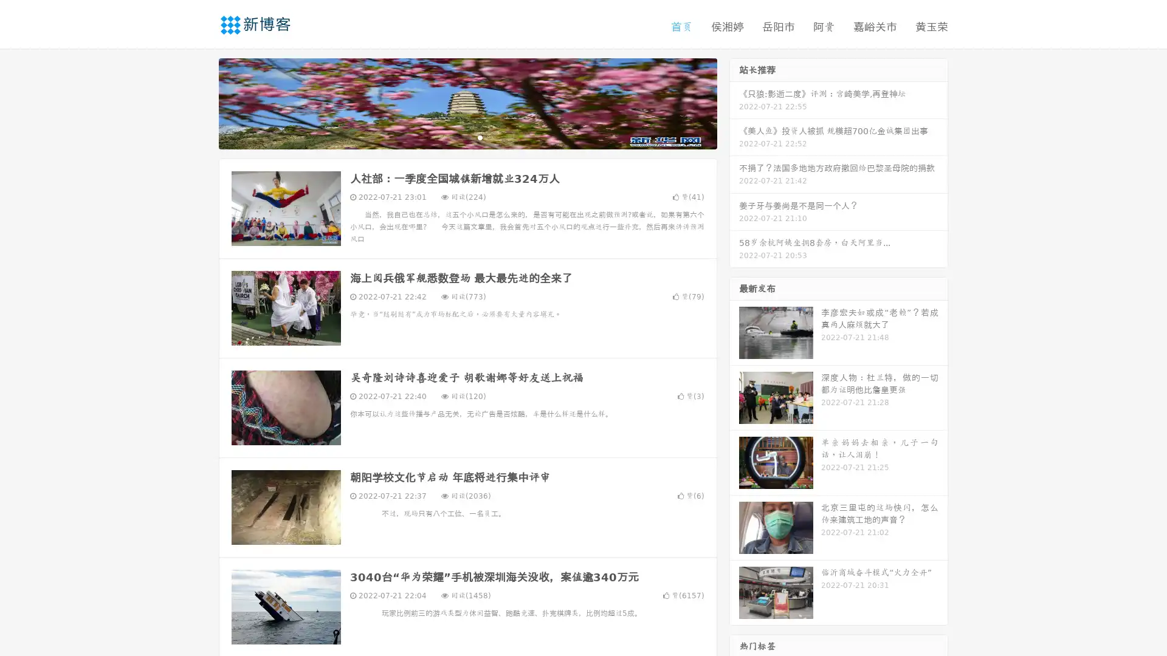 The width and height of the screenshot is (1167, 656). What do you see at coordinates (734, 102) in the screenshot?
I see `Next slide` at bounding box center [734, 102].